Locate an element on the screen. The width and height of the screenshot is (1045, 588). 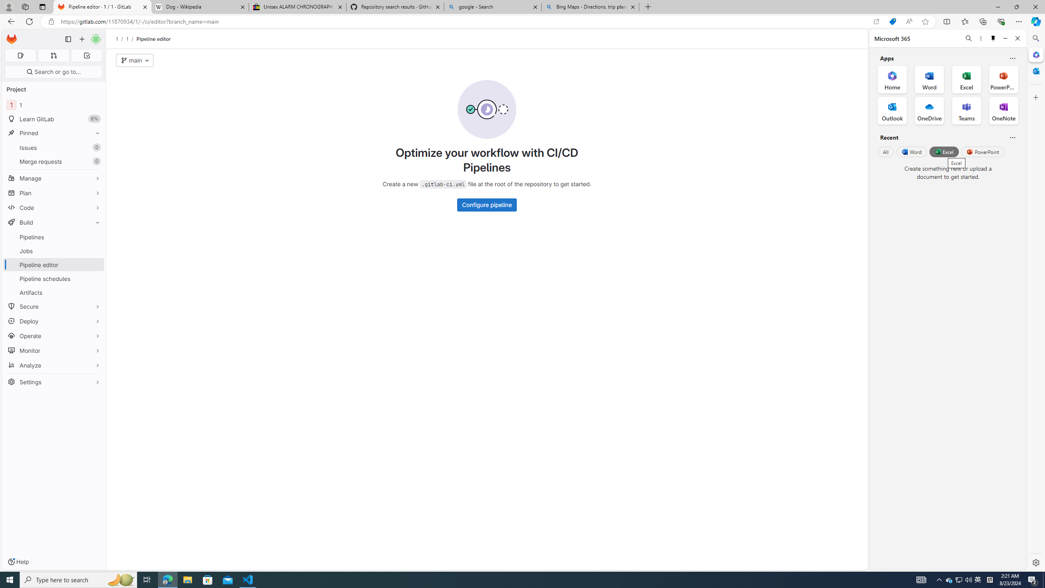
'Pin Jobs' is located at coordinates (95, 250).